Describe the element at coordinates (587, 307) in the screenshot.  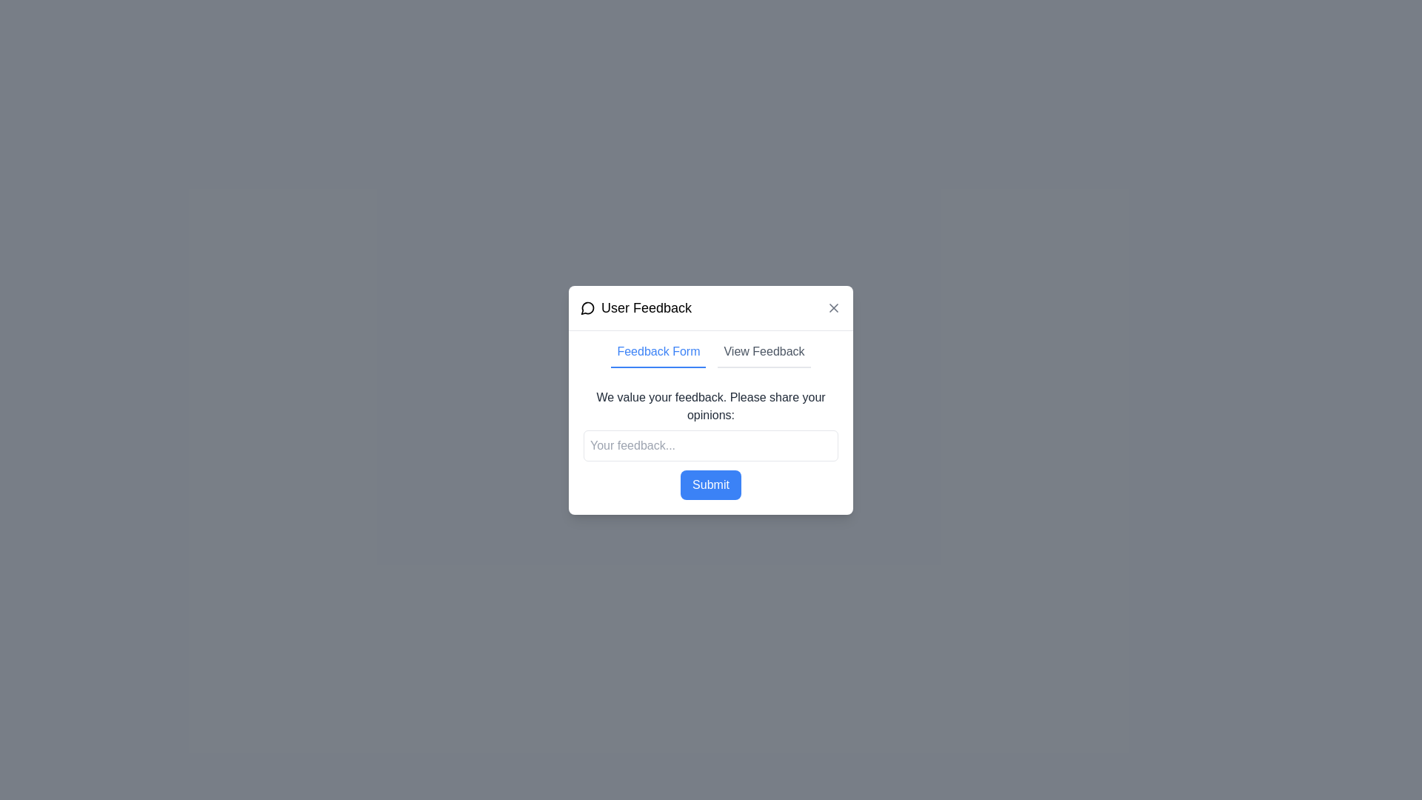
I see `the feedback icon located at the center of the feedback modal` at that location.